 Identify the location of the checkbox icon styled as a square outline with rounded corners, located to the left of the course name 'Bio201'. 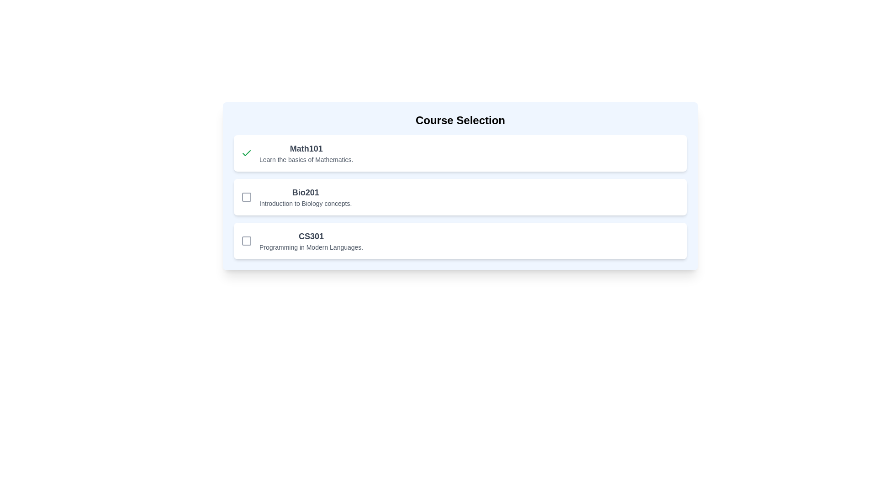
(246, 197).